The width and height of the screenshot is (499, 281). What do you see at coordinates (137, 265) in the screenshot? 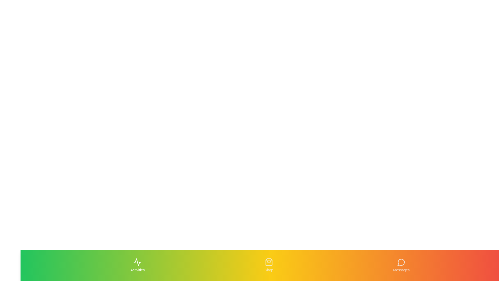
I see `the Activities tab to view its hover effect` at bounding box center [137, 265].